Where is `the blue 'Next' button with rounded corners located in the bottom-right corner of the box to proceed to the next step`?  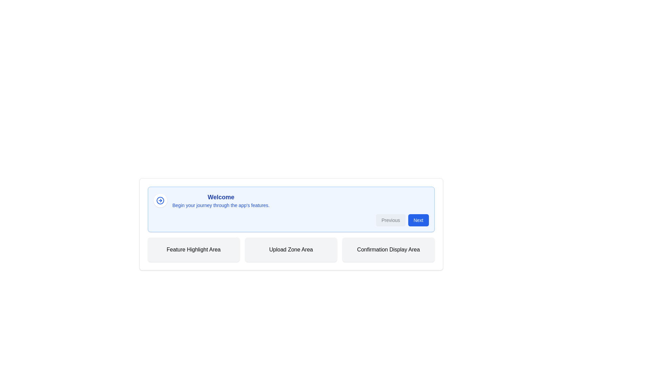
the blue 'Next' button with rounded corners located in the bottom-right corner of the box to proceed to the next step is located at coordinates (418, 220).